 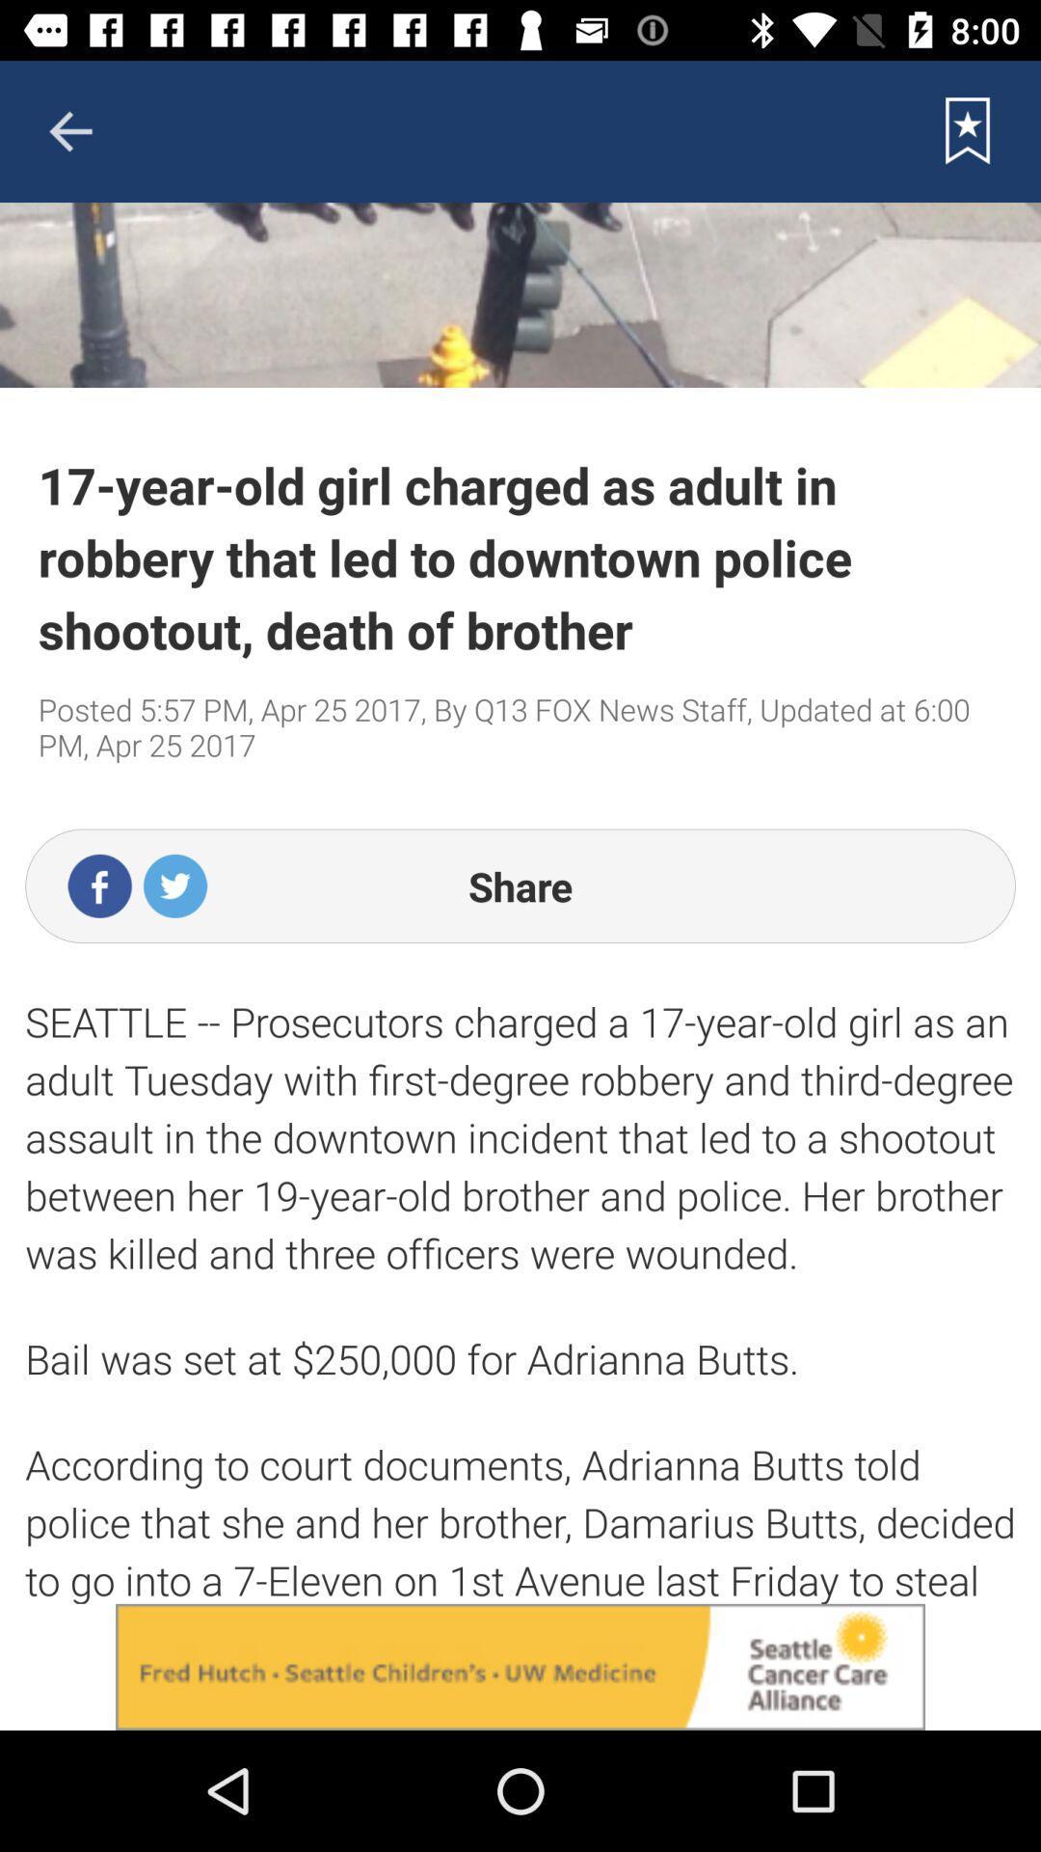 I want to click on button, so click(x=968, y=130).